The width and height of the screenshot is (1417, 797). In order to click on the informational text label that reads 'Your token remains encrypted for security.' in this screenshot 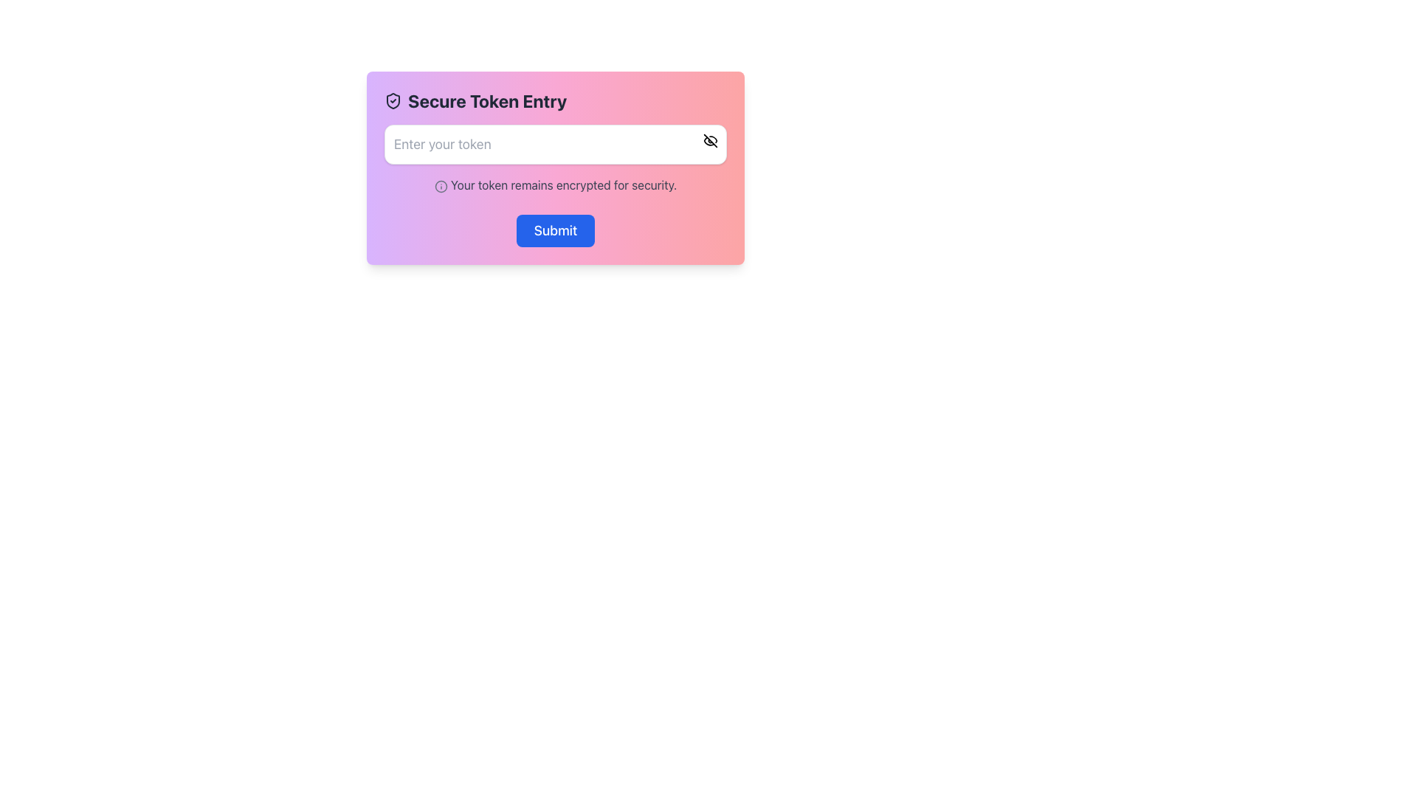, I will do `click(555, 184)`.